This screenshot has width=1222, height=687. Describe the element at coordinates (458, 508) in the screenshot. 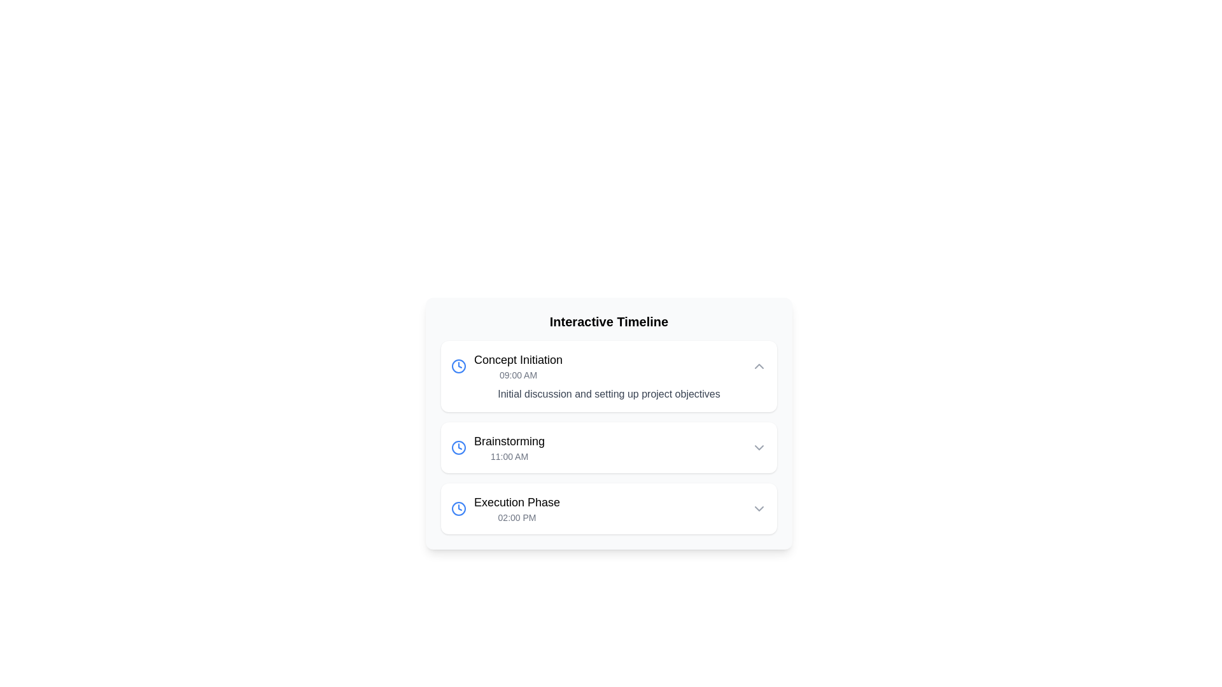

I see `the small blue clock icon representing the 'Execution Phase' in the interactive timeline interface if it has interactive behavior` at that location.